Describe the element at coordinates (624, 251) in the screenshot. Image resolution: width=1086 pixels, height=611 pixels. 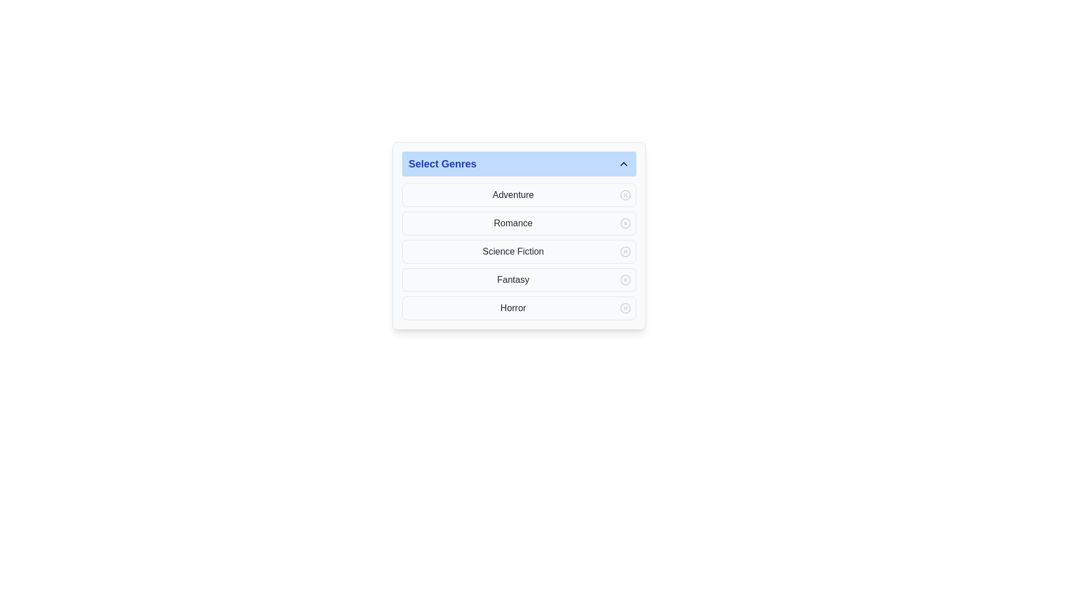
I see `the circular, light-gray button with a cross mark ('×') located to the right of the 'Science Fiction' text` at that location.